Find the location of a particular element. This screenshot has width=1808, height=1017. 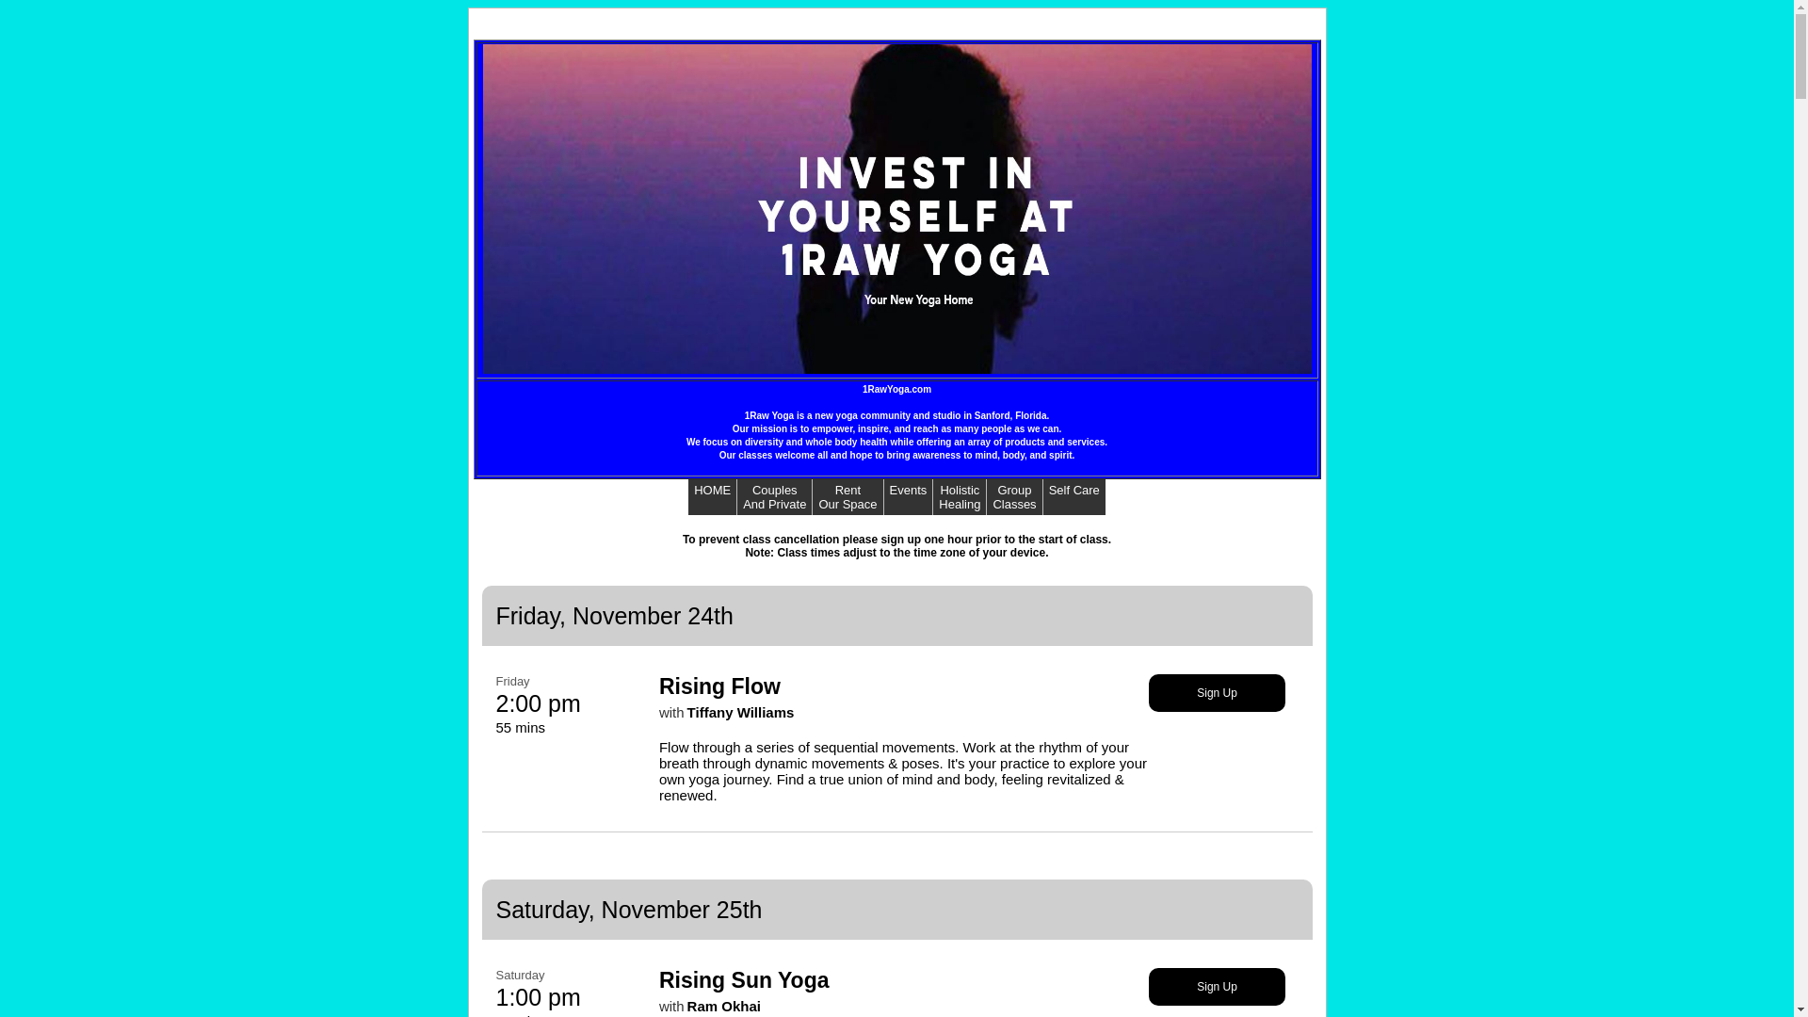

'Holistic is located at coordinates (959, 496).